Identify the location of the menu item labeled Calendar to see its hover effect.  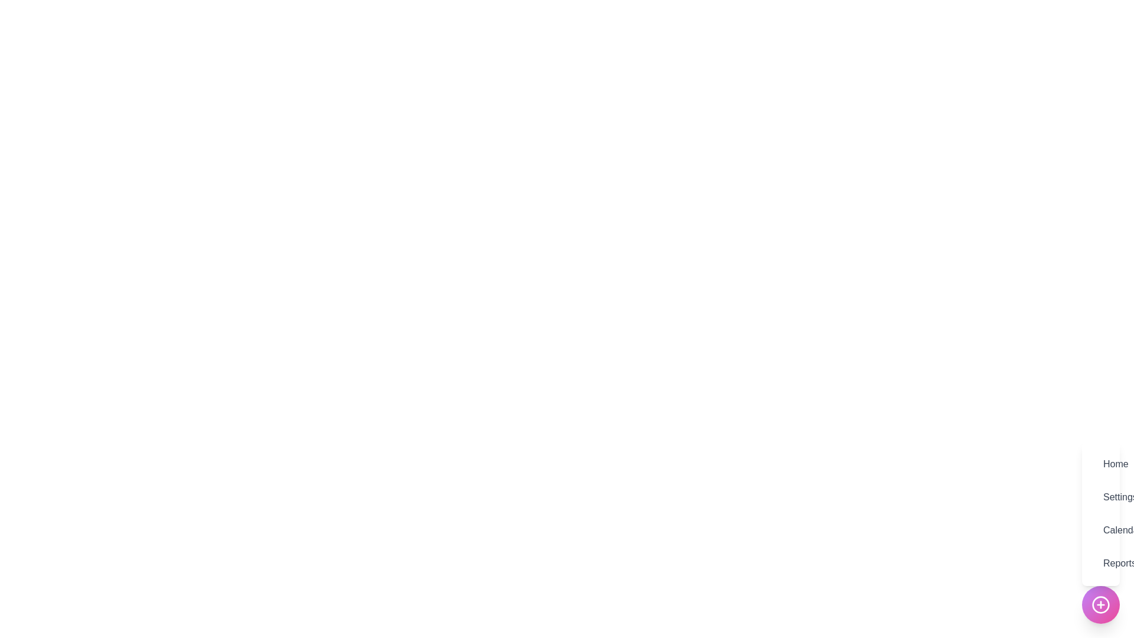
(1100, 530).